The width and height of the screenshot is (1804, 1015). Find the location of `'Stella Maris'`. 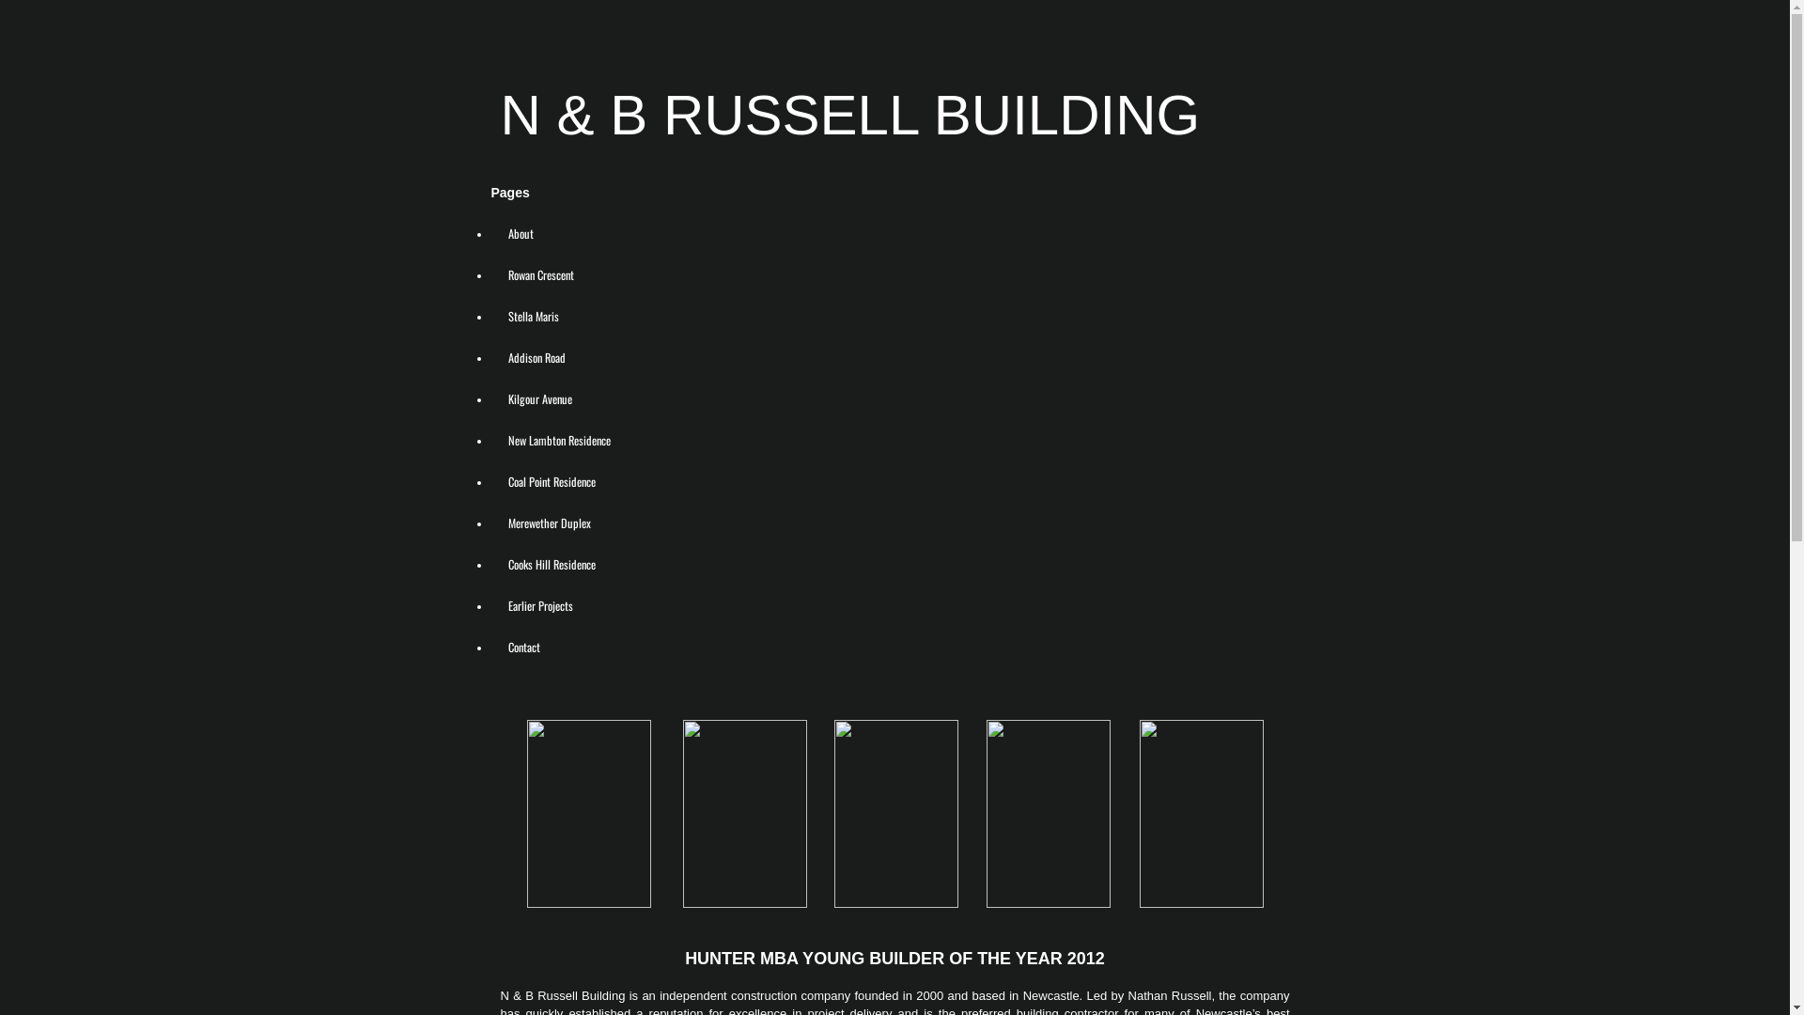

'Stella Maris' is located at coordinates (532, 314).